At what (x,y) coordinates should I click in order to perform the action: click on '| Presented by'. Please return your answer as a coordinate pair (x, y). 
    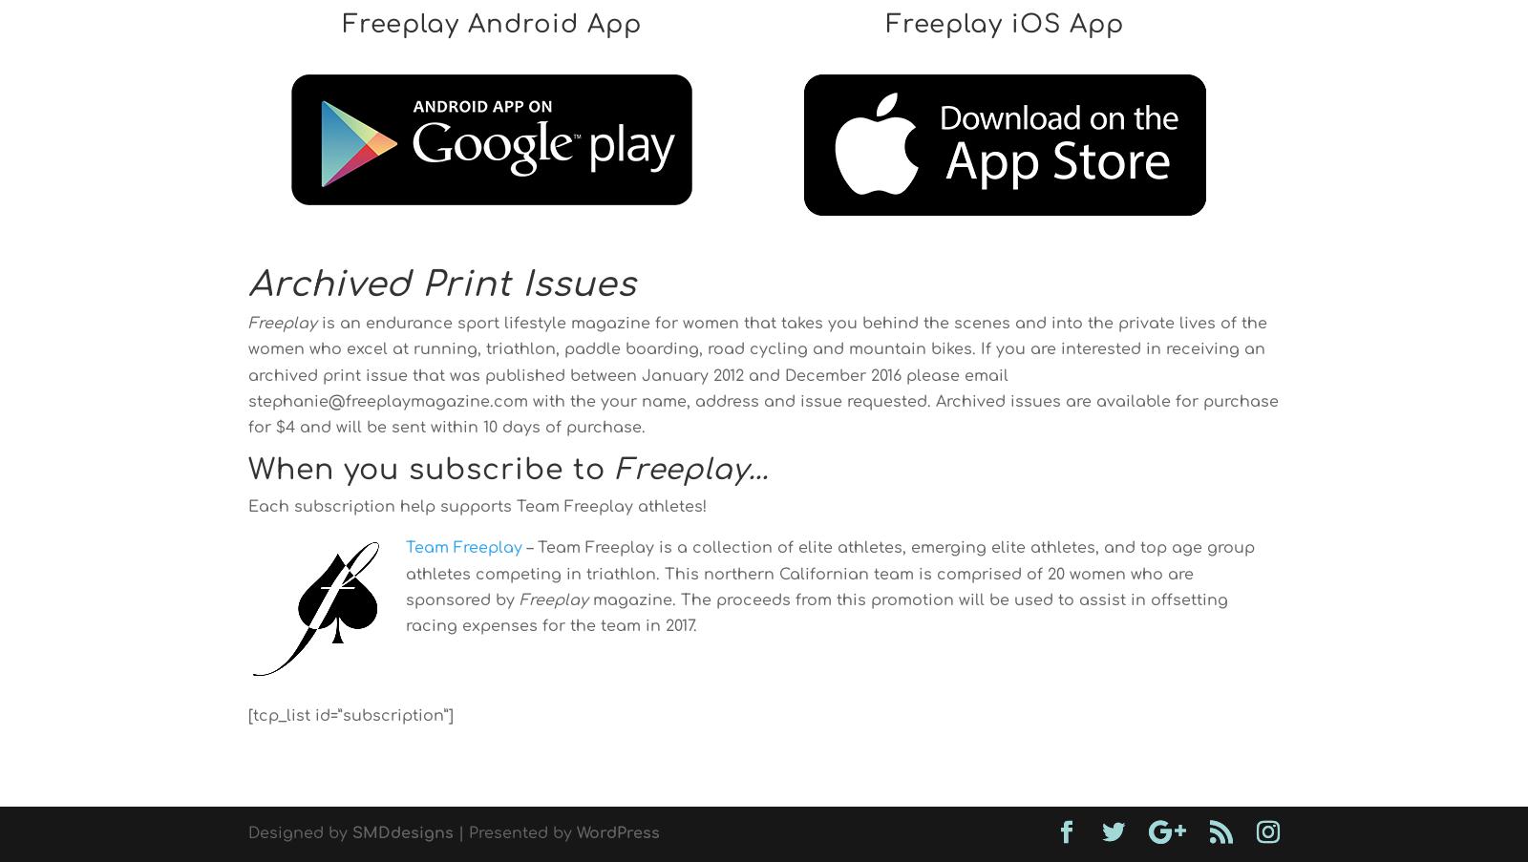
    Looking at the image, I should click on (514, 833).